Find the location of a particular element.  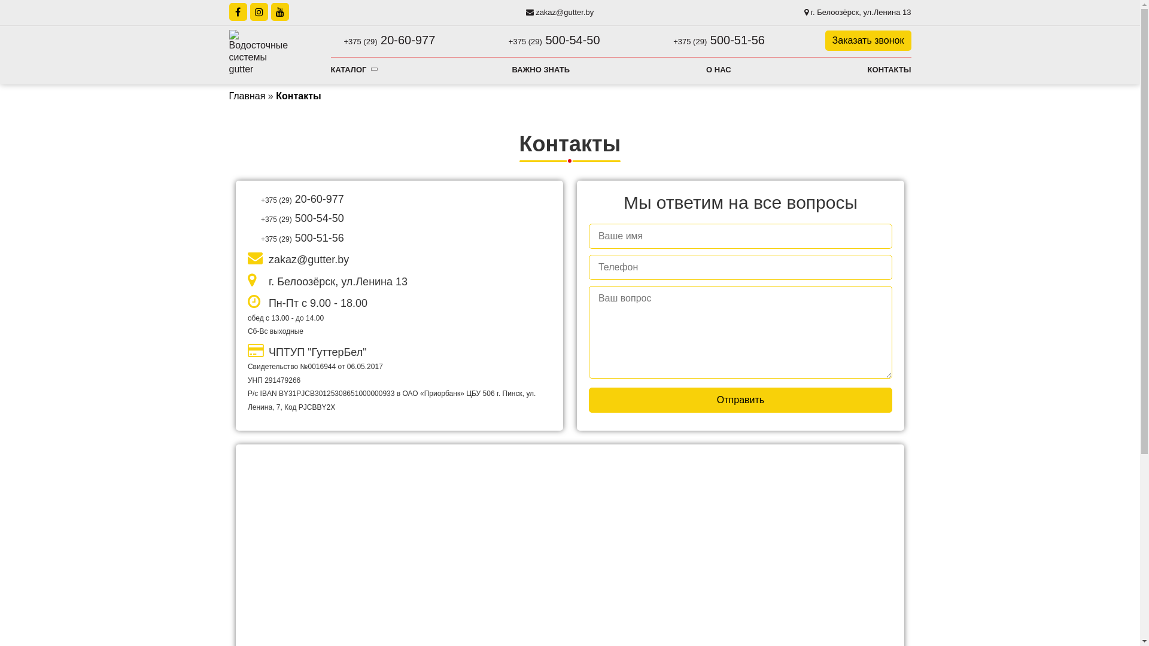

'+375 (29) 20-60-977' is located at coordinates (330, 39).